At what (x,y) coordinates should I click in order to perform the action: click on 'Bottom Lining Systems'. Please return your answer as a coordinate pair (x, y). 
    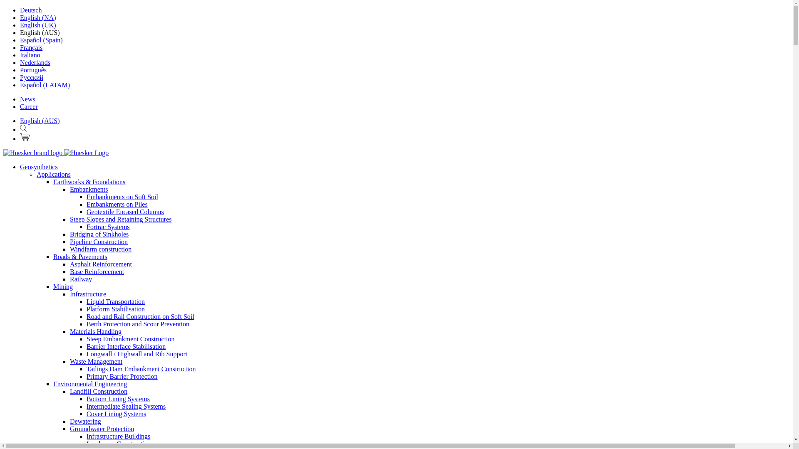
    Looking at the image, I should click on (117, 398).